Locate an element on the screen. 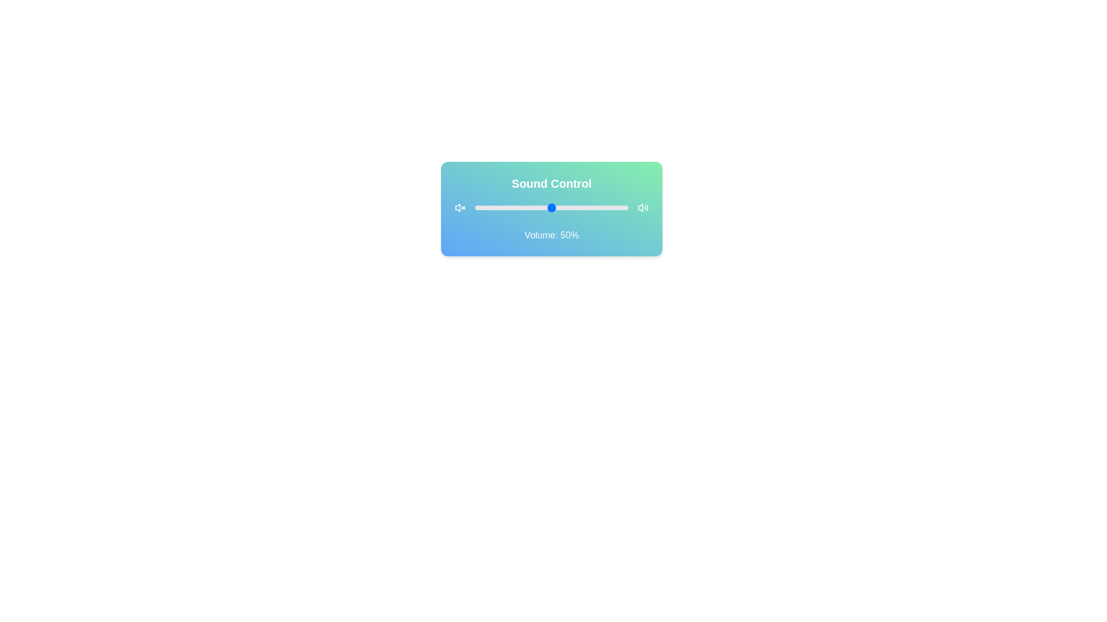 The height and width of the screenshot is (622, 1107). the volume is located at coordinates (613, 208).